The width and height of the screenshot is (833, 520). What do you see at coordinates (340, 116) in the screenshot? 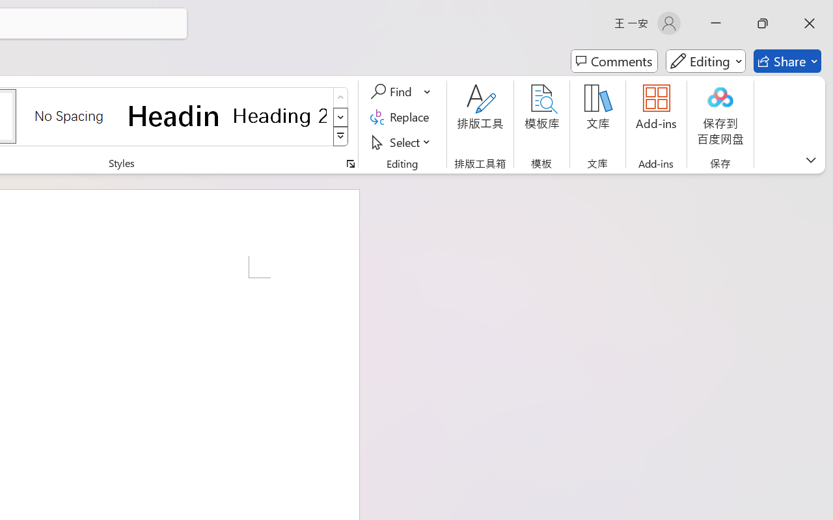
I see `'Row Down'` at bounding box center [340, 116].